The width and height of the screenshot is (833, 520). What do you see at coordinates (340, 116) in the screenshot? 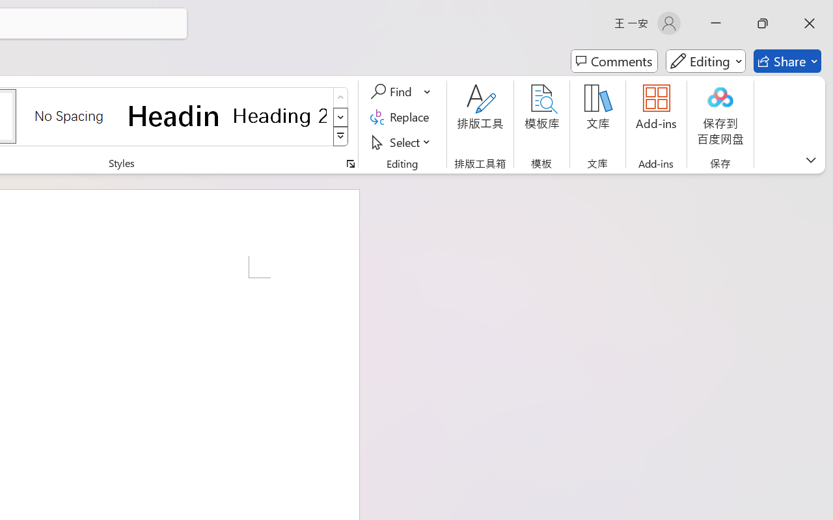
I see `'Row Down'` at bounding box center [340, 116].